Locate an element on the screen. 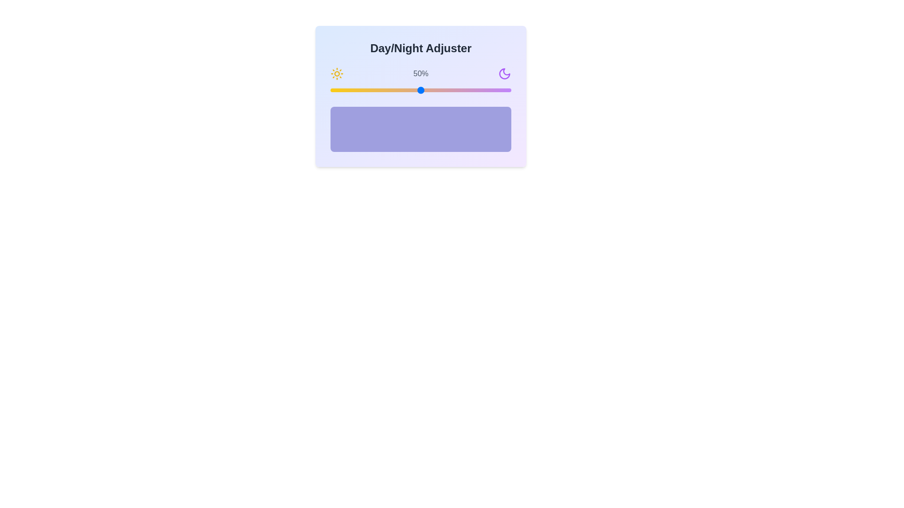 The width and height of the screenshot is (904, 508). the slider to set the value to 3% is located at coordinates (336, 90).